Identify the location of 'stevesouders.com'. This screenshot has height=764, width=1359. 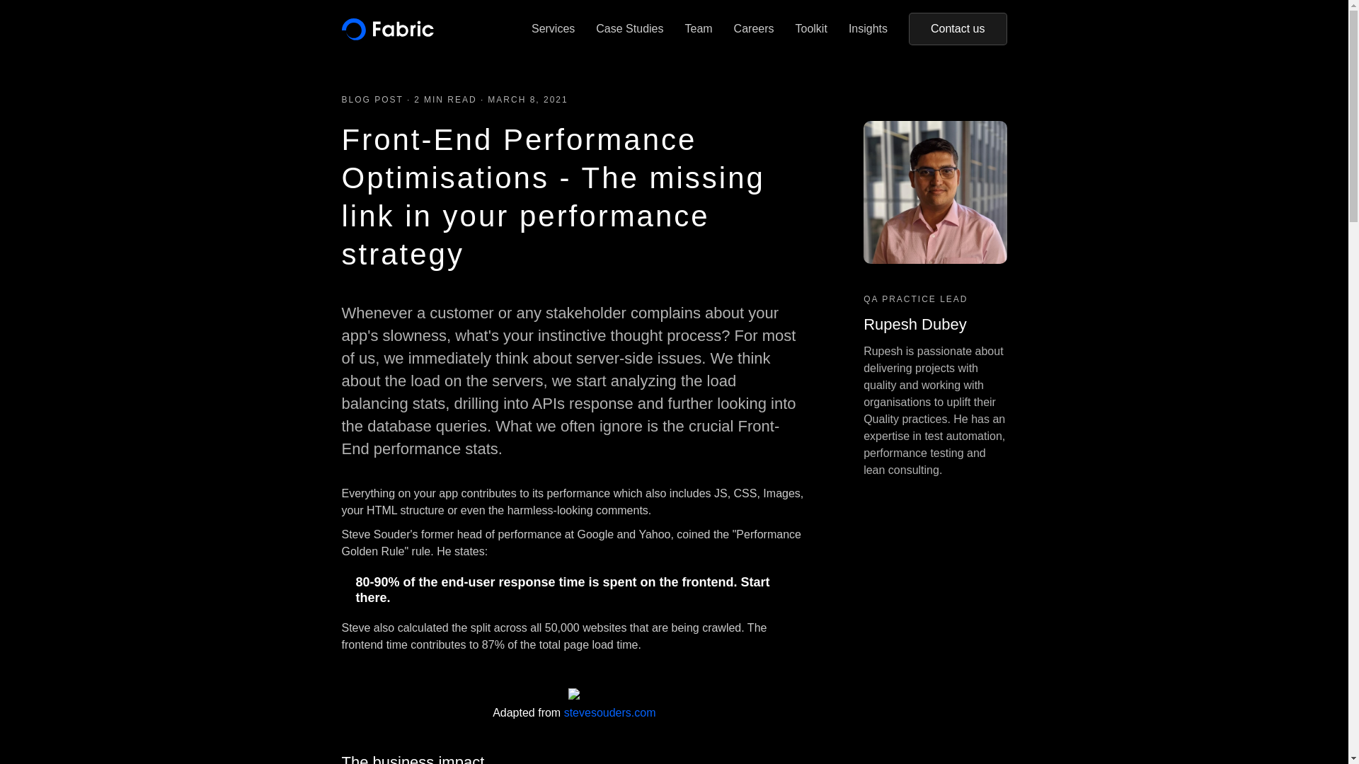
(610, 712).